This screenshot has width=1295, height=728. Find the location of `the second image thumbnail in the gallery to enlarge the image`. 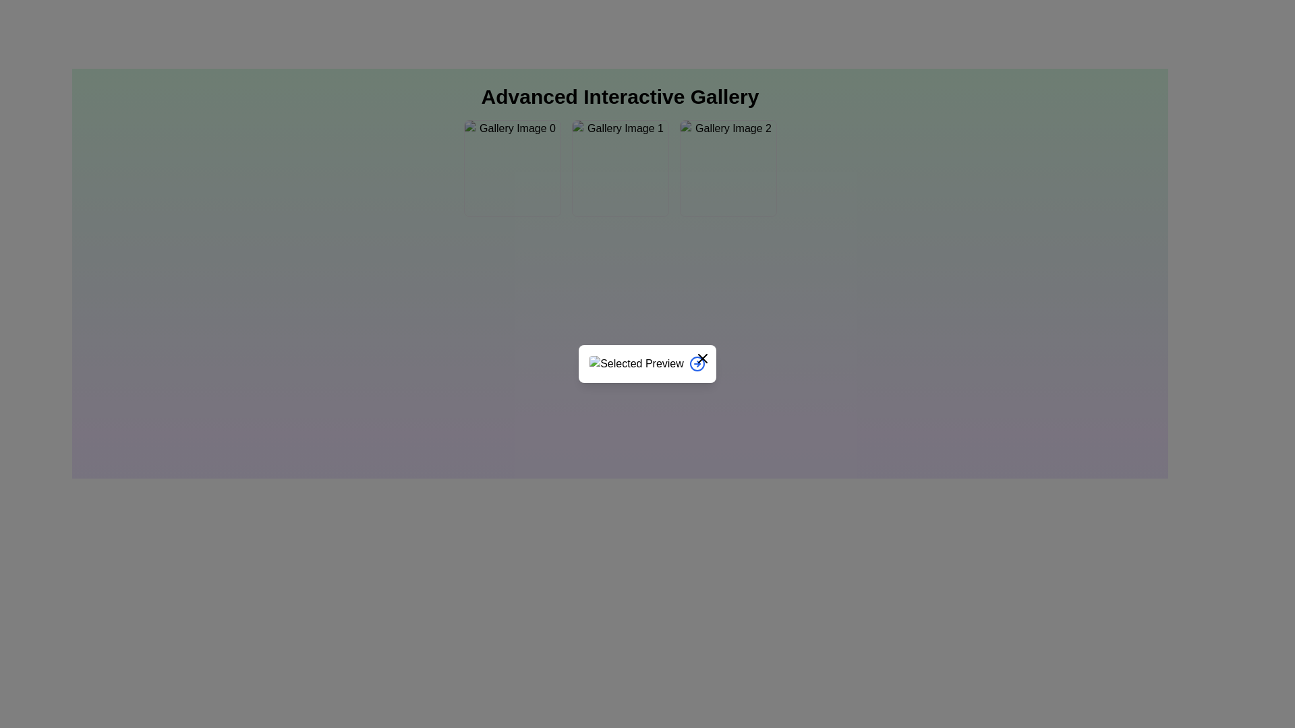

the second image thumbnail in the gallery to enlarge the image is located at coordinates (619, 168).